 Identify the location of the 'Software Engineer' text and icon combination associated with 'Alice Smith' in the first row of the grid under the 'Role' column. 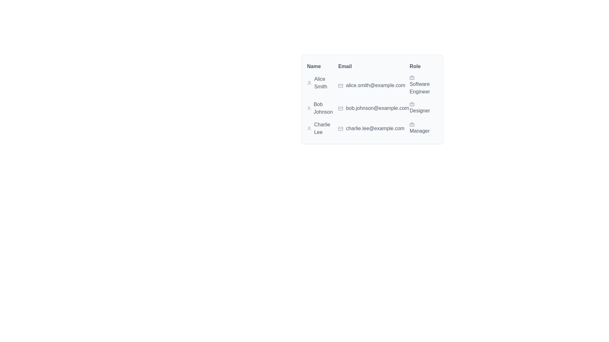
(423, 85).